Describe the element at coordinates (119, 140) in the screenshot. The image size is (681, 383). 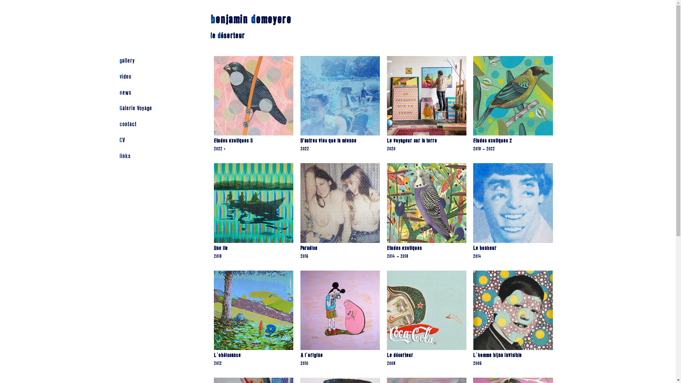
I see `'CV'` at that location.